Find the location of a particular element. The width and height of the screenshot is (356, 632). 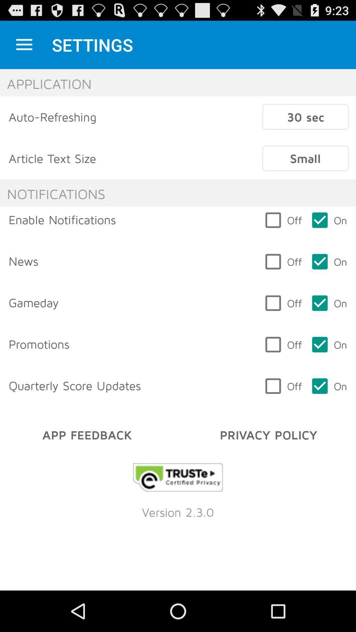

menu is located at coordinates (24, 44).